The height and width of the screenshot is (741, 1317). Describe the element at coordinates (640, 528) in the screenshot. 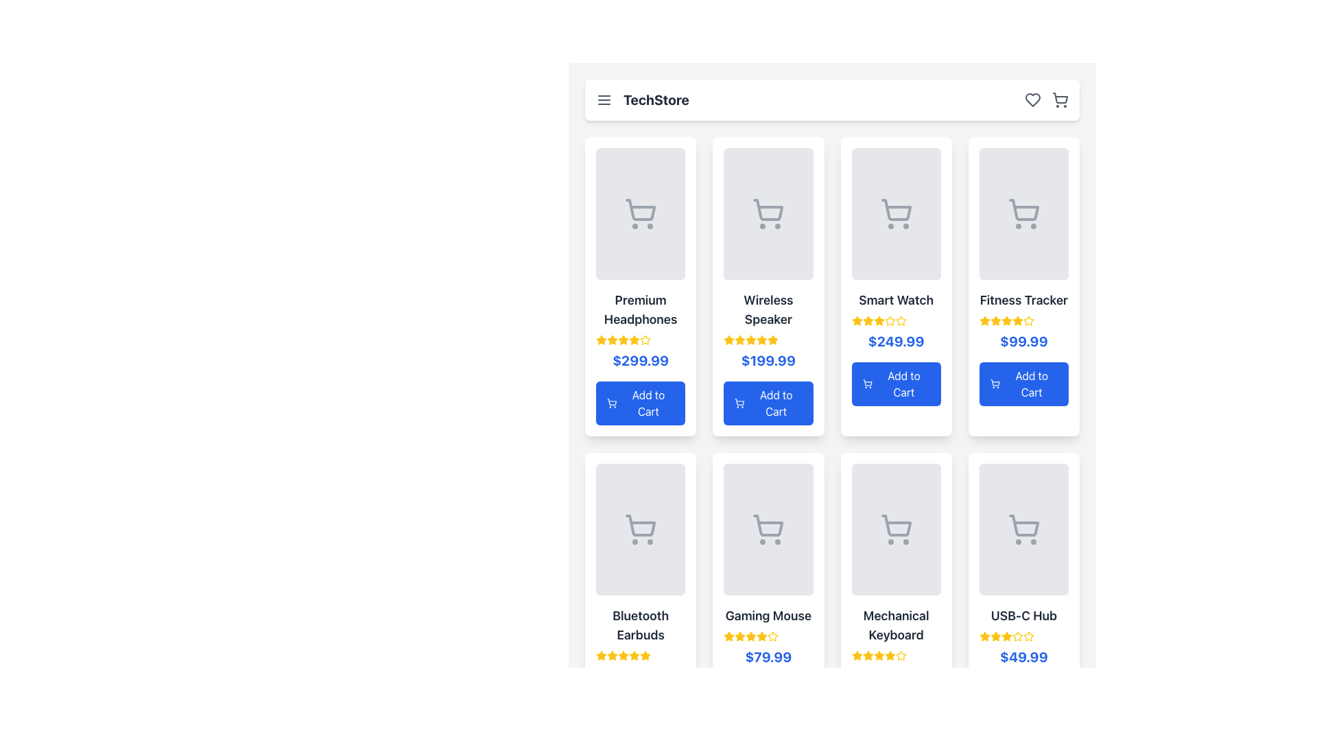

I see `the shopping cart icon located in the bottom-left card, positioned below 'Bluetooth Earbuds' and above the 'Add to Cart' button` at that location.